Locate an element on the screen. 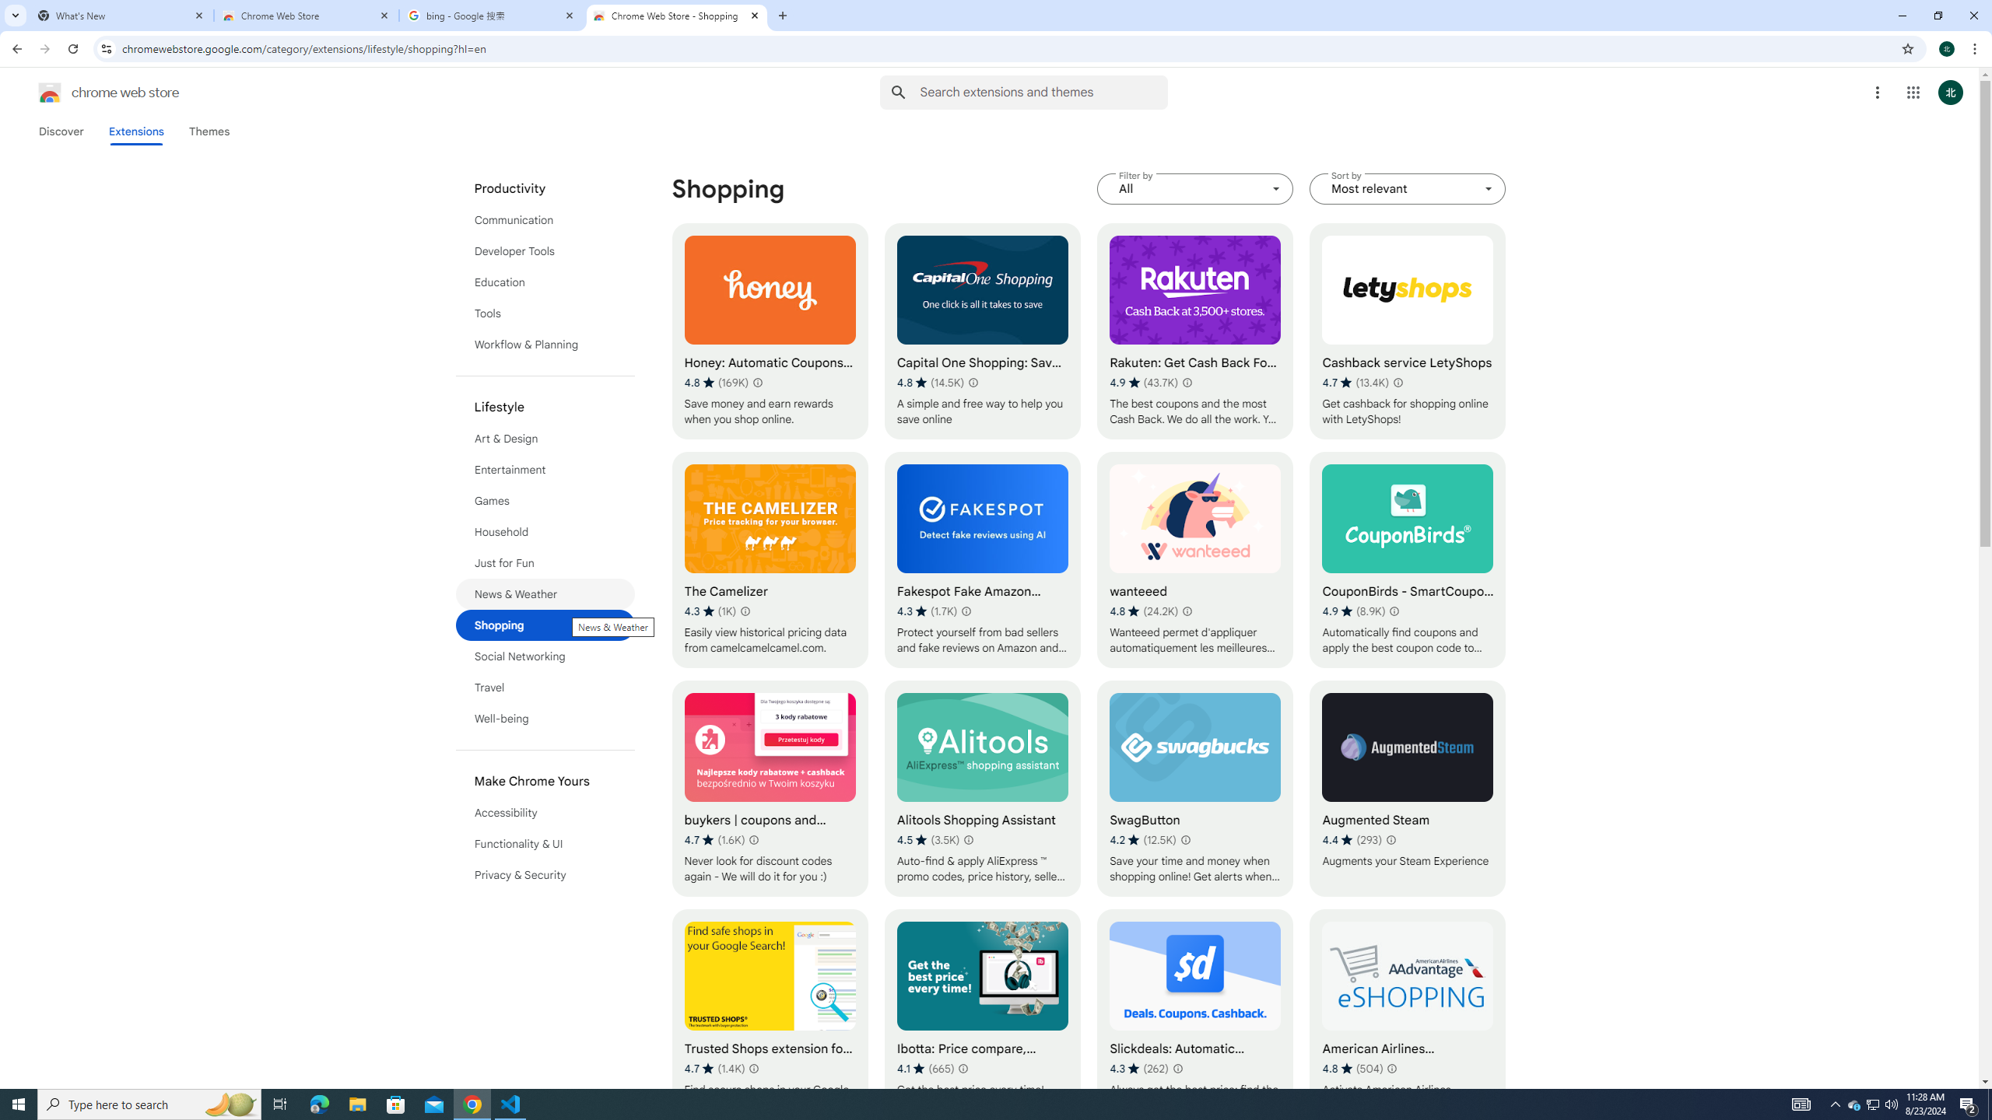 The width and height of the screenshot is (1992, 1120). 'Capital One Shopping: Save Now' is located at coordinates (983, 331).